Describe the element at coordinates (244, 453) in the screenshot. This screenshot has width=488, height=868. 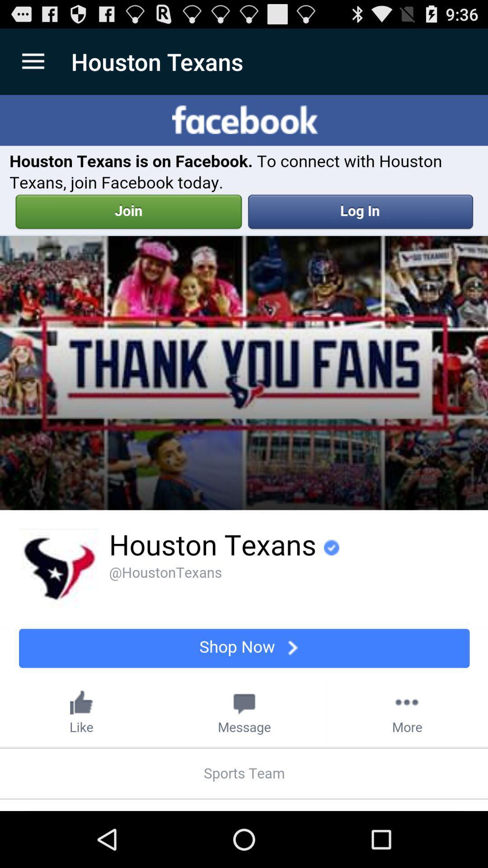
I see `see an image` at that location.